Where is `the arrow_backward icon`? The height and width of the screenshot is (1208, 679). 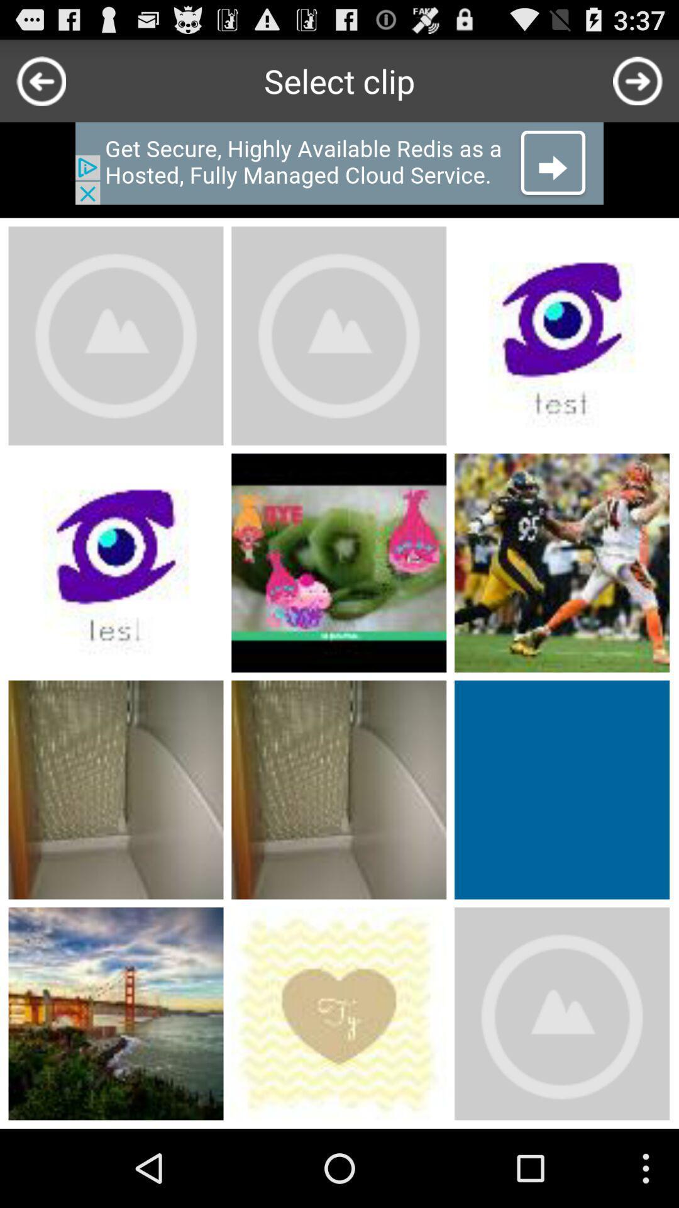
the arrow_backward icon is located at coordinates (40, 86).